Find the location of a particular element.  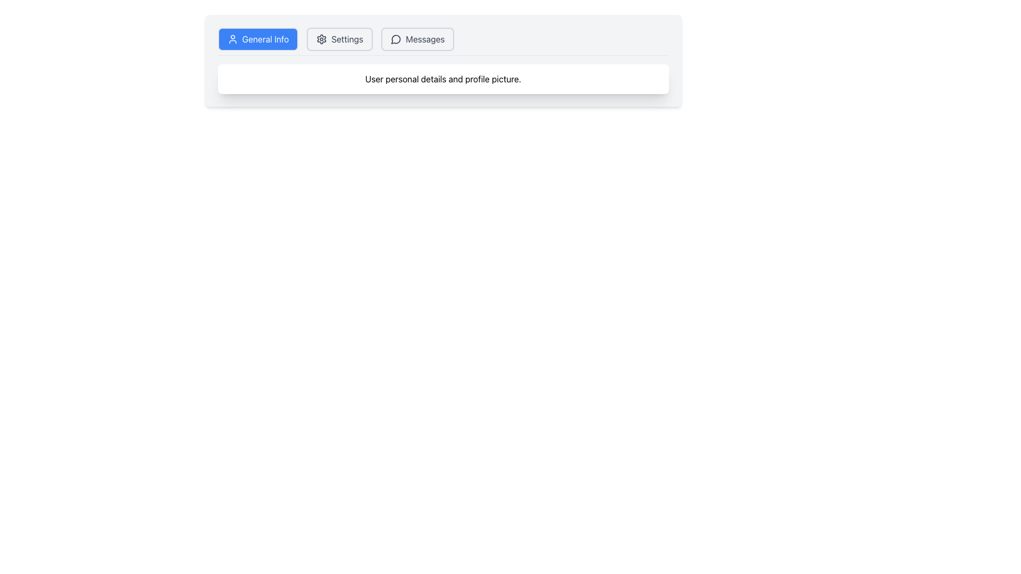

the navigation button for messaging, which is the third button in a horizontal row of three buttons at the top-center of the interface is located at coordinates (417, 38).